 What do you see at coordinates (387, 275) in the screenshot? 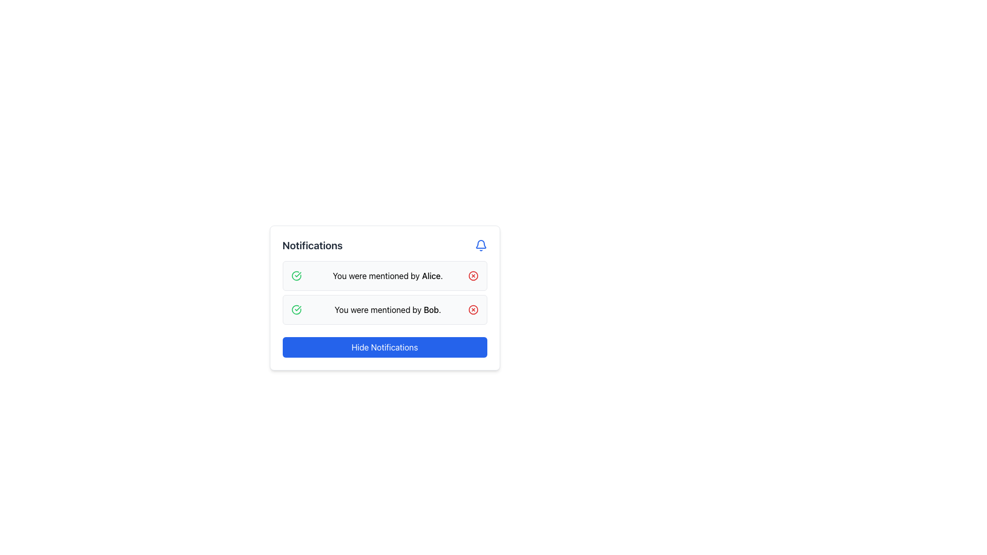
I see `the text label that reads 'You were mentioned by Alice.' within the first notification box, which is styled with a clean font and includes a dismiss button on the right` at bounding box center [387, 275].